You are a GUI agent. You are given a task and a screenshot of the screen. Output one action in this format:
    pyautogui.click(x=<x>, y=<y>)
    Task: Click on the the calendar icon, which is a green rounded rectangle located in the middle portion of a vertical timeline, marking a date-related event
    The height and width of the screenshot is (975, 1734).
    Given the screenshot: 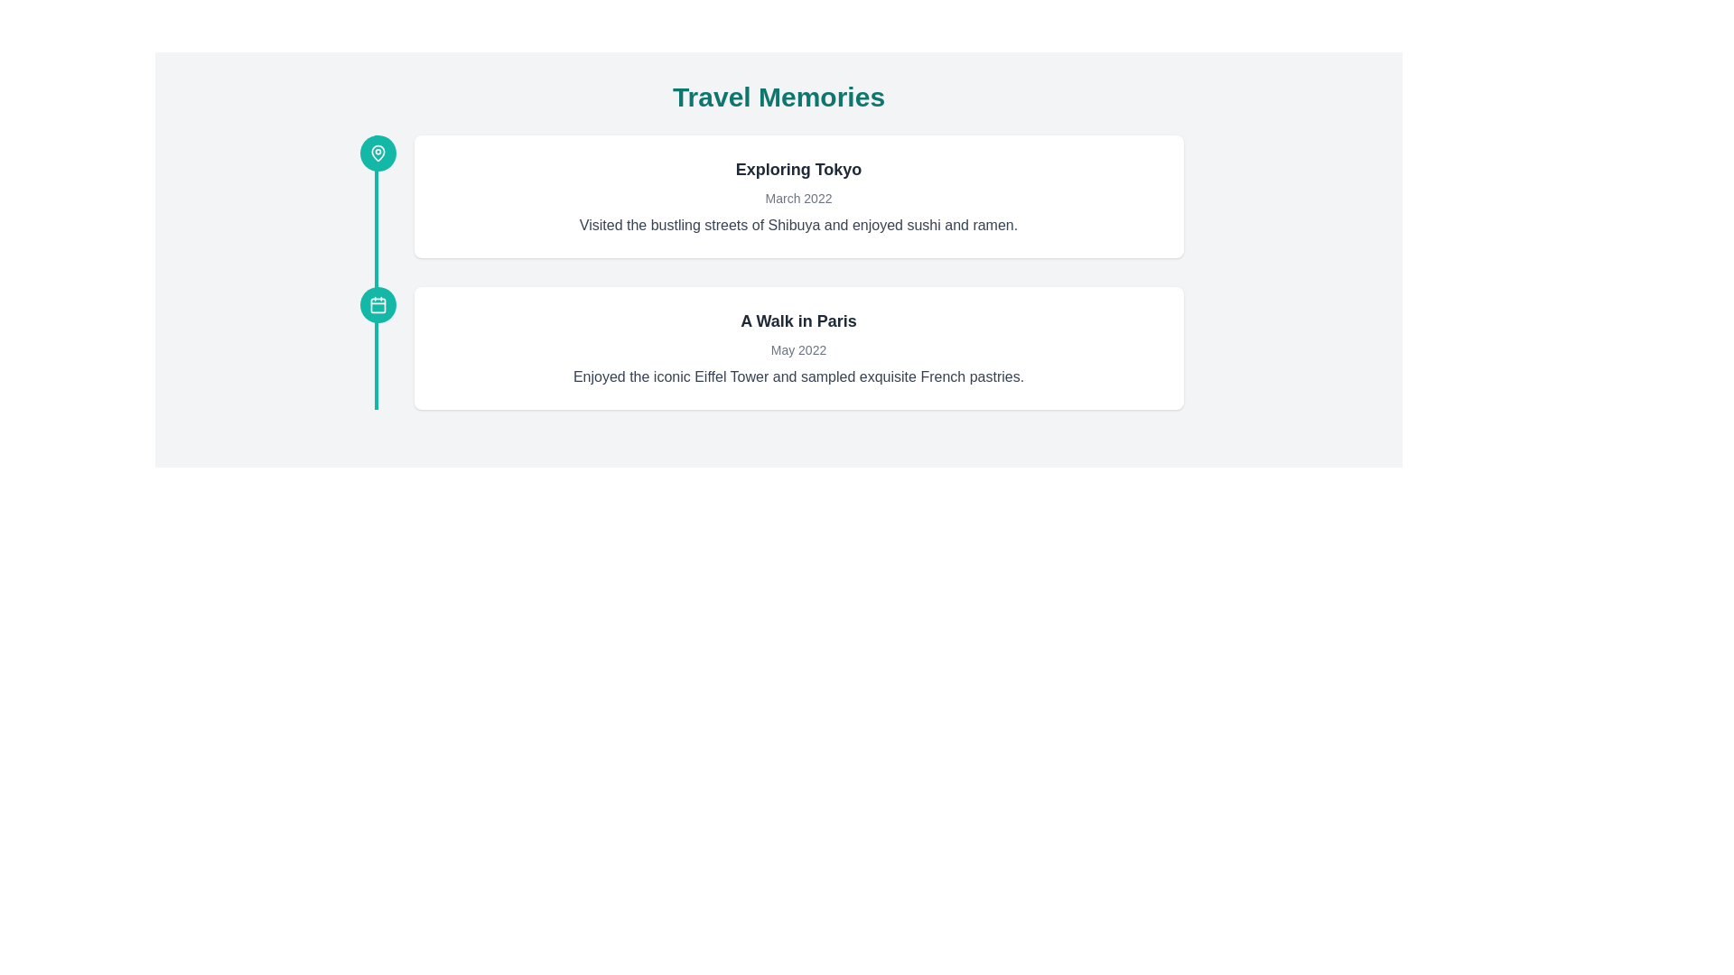 What is the action you would take?
    pyautogui.click(x=377, y=304)
    